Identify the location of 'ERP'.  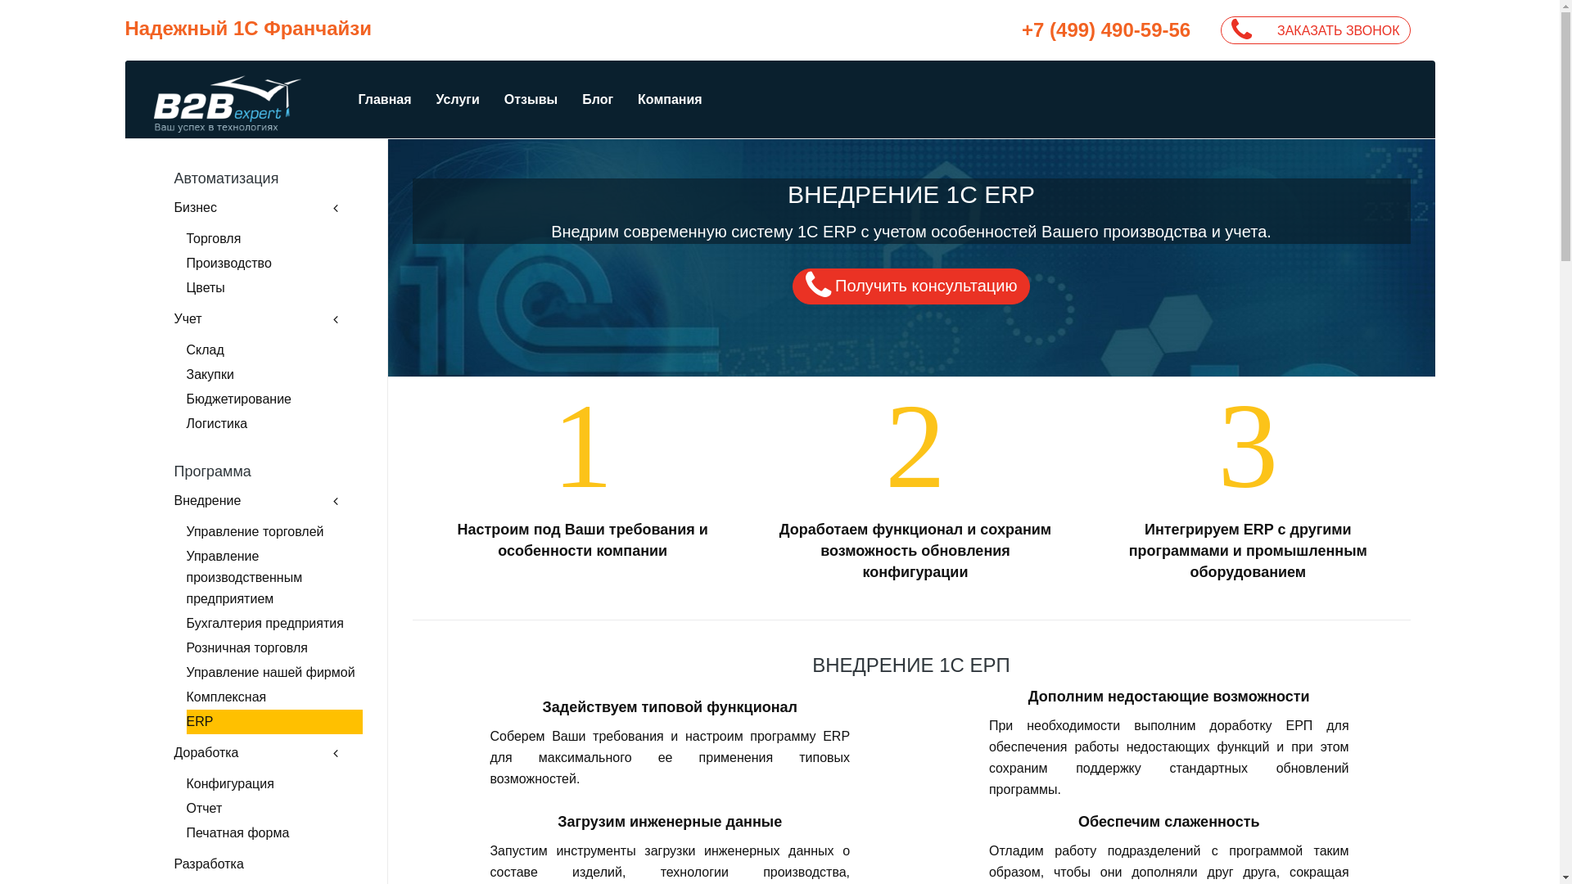
(274, 721).